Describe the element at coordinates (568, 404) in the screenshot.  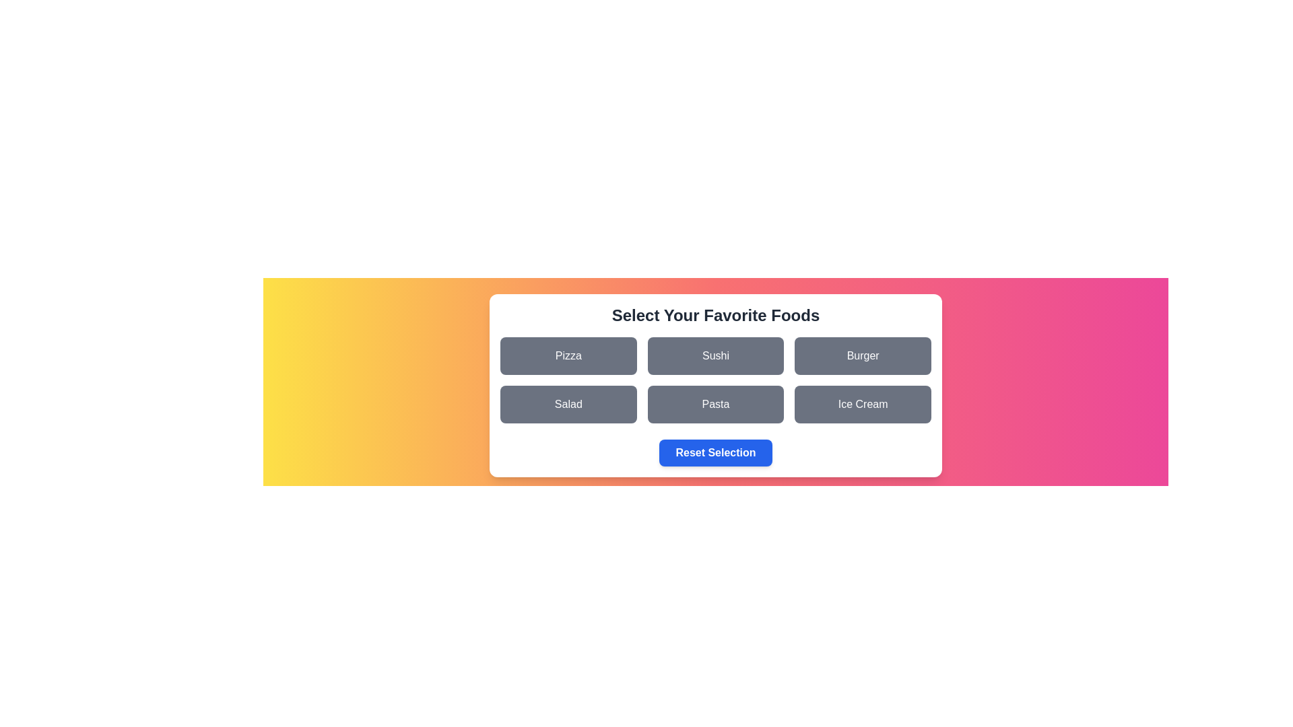
I see `the food item Salad to observe the hover effect` at that location.